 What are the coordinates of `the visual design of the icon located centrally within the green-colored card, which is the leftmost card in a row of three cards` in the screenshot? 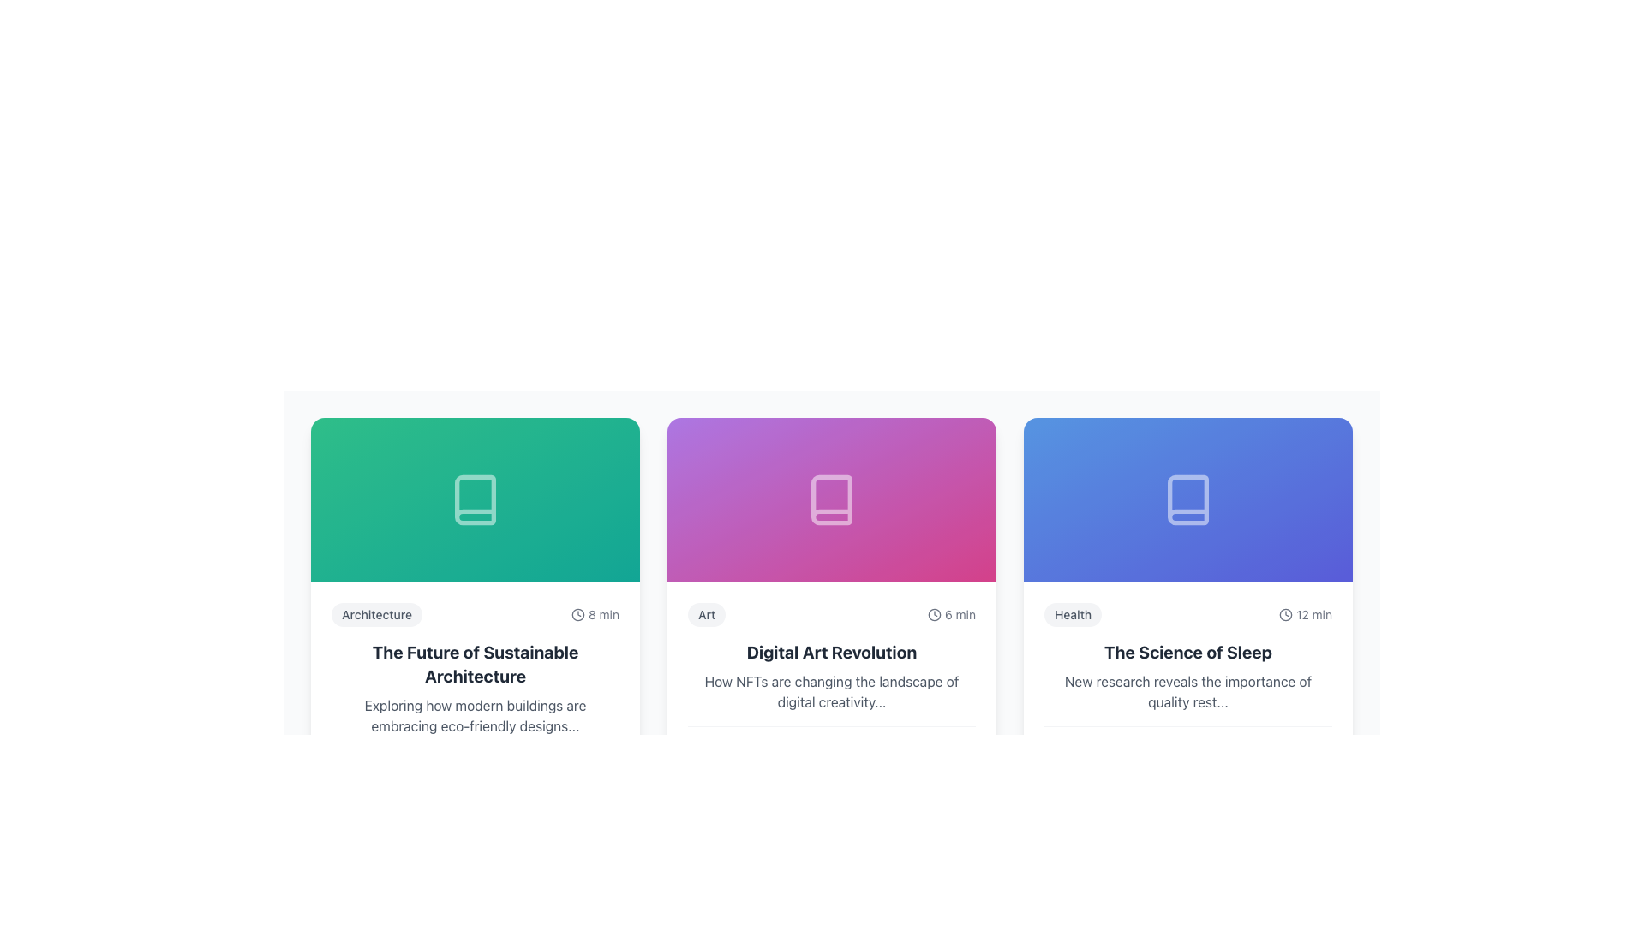 It's located at (476, 499).